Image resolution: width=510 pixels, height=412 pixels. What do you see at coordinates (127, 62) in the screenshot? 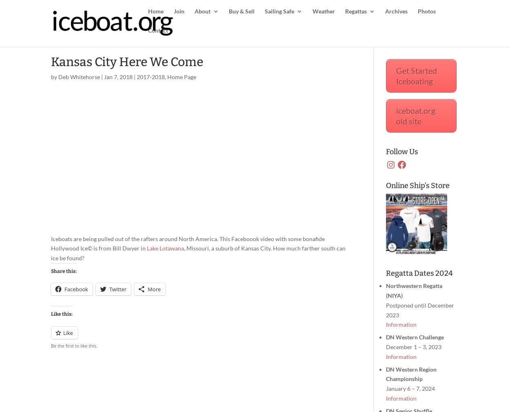
I see `'Kansas City Here We Come'` at bounding box center [127, 62].